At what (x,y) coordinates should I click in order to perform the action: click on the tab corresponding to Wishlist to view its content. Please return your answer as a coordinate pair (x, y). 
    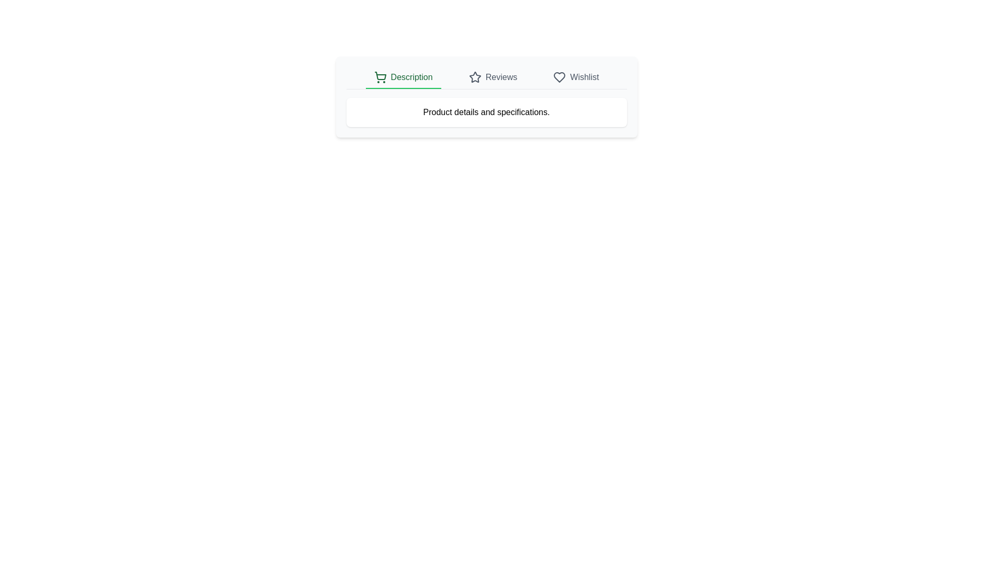
    Looking at the image, I should click on (575, 77).